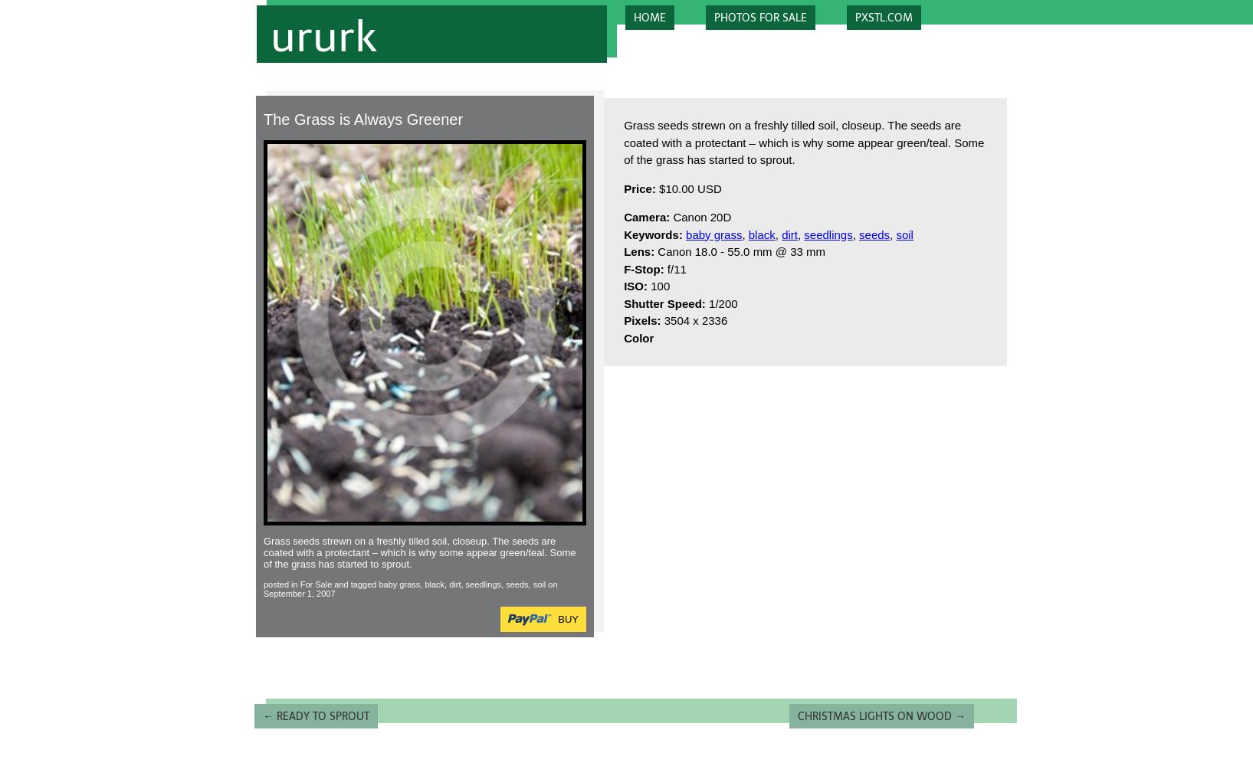 Image resolution: width=1253 pixels, height=766 pixels. I want to click on 'September 1, 2007', so click(299, 593).